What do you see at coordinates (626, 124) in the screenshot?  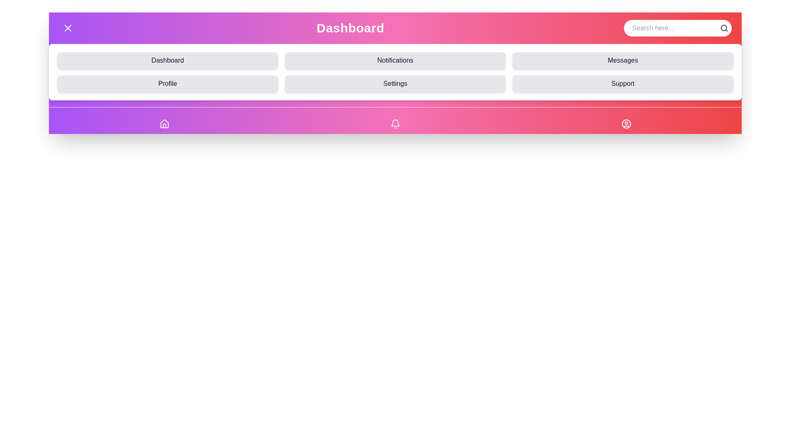 I see `the footer button corresponding to Profile` at bounding box center [626, 124].